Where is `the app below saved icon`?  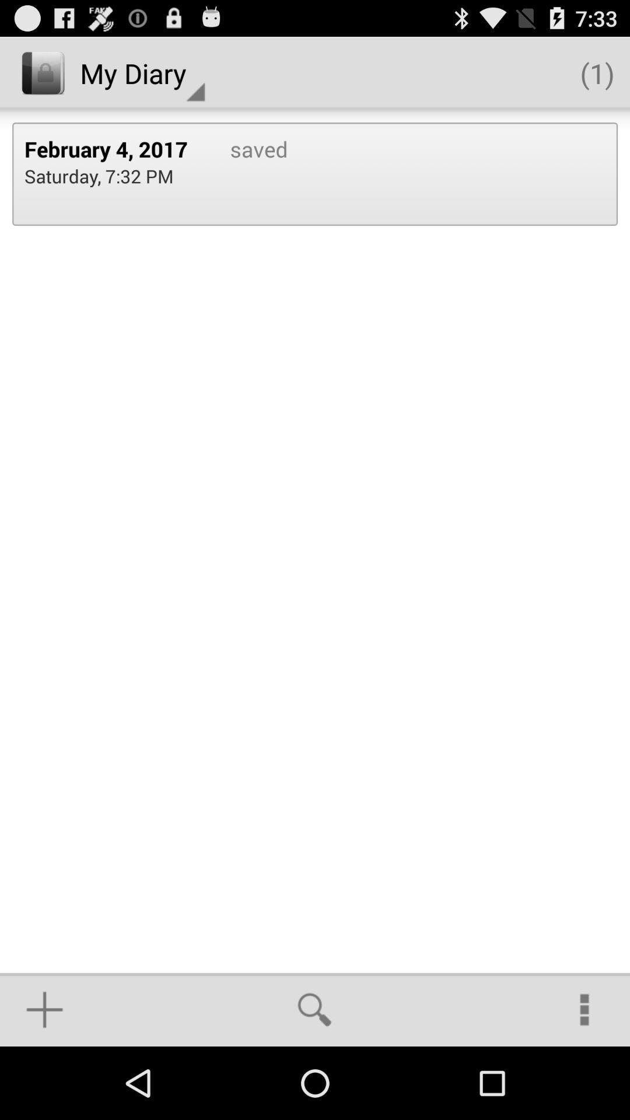
the app below saved icon is located at coordinates (314, 1009).